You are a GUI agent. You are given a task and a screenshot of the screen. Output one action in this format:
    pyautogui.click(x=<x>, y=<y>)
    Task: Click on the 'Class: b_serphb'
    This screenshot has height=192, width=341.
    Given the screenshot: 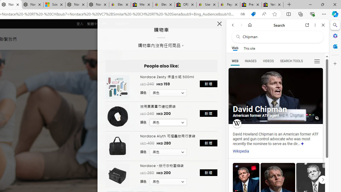 What is the action you would take?
    pyautogui.click(x=317, y=61)
    